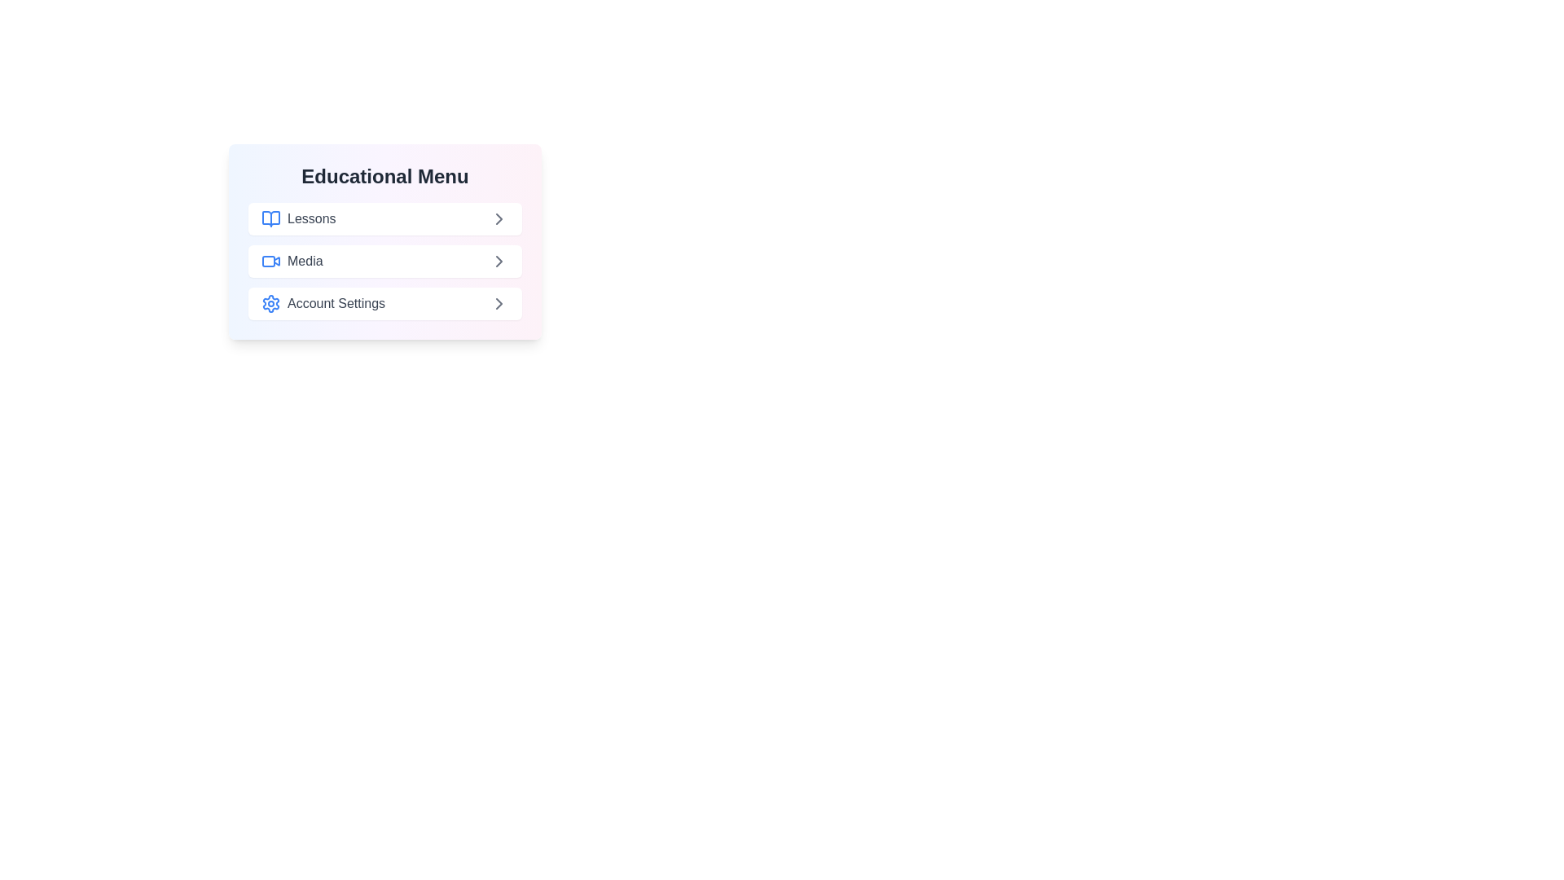 The height and width of the screenshot is (880, 1564). Describe the element at coordinates (384, 242) in the screenshot. I see `the navigation menu located in the center-left area of the interface` at that location.